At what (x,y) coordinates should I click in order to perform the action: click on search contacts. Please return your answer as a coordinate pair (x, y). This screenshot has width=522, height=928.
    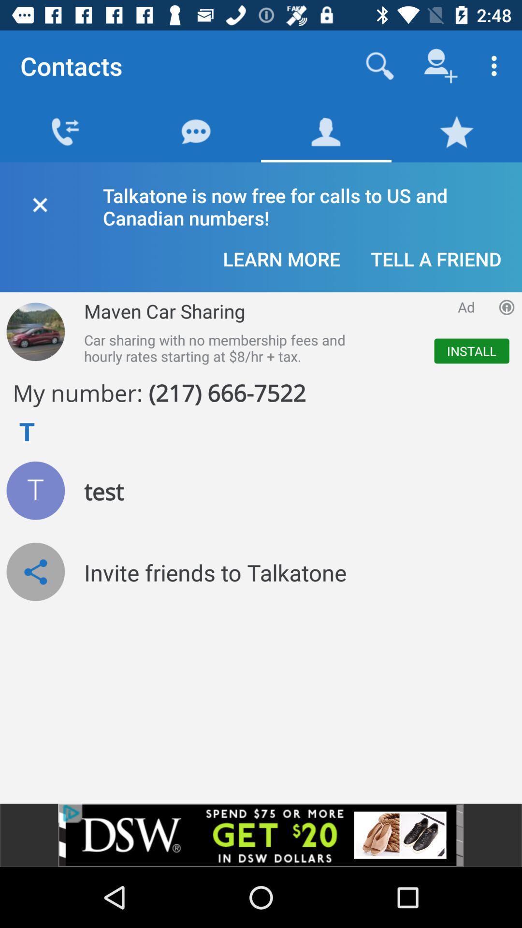
    Looking at the image, I should click on (379, 65).